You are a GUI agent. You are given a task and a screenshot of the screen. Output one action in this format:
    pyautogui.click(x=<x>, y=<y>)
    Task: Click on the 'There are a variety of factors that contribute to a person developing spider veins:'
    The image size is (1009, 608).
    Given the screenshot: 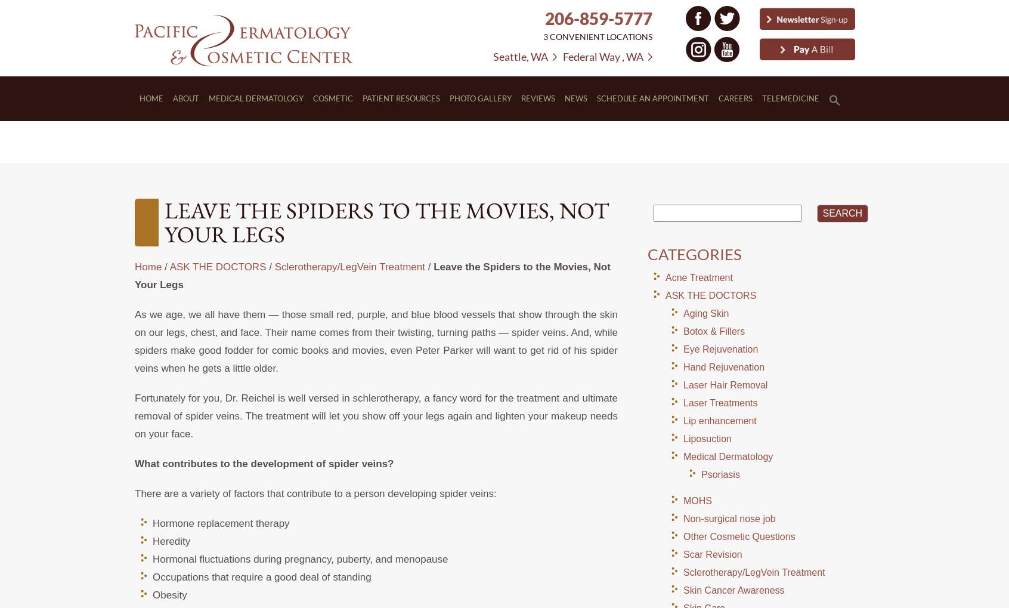 What is the action you would take?
    pyautogui.click(x=315, y=493)
    